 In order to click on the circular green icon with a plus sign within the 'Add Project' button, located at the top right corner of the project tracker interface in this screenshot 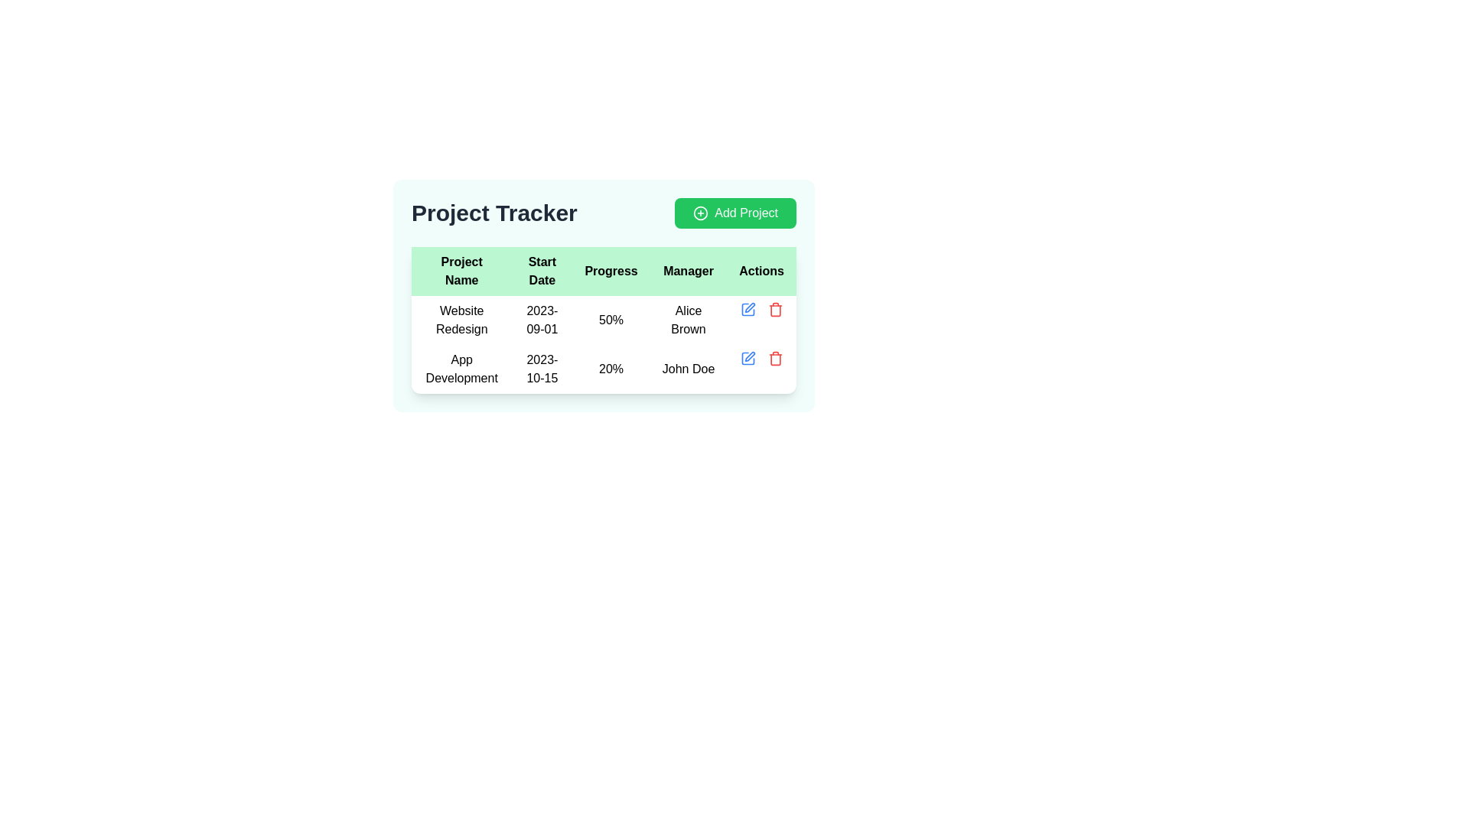, I will do `click(700, 213)`.